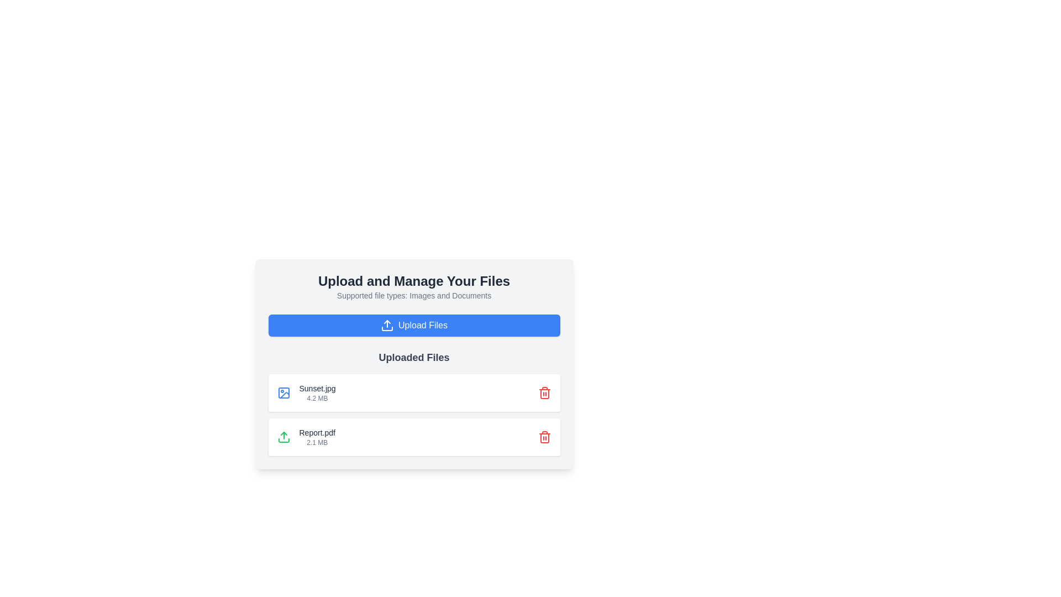 This screenshot has height=597, width=1061. I want to click on the text label that serves as the header for the section displaying uploaded files, located beneath the 'Upload Files' button and above the list of uploaded files, so click(413, 358).